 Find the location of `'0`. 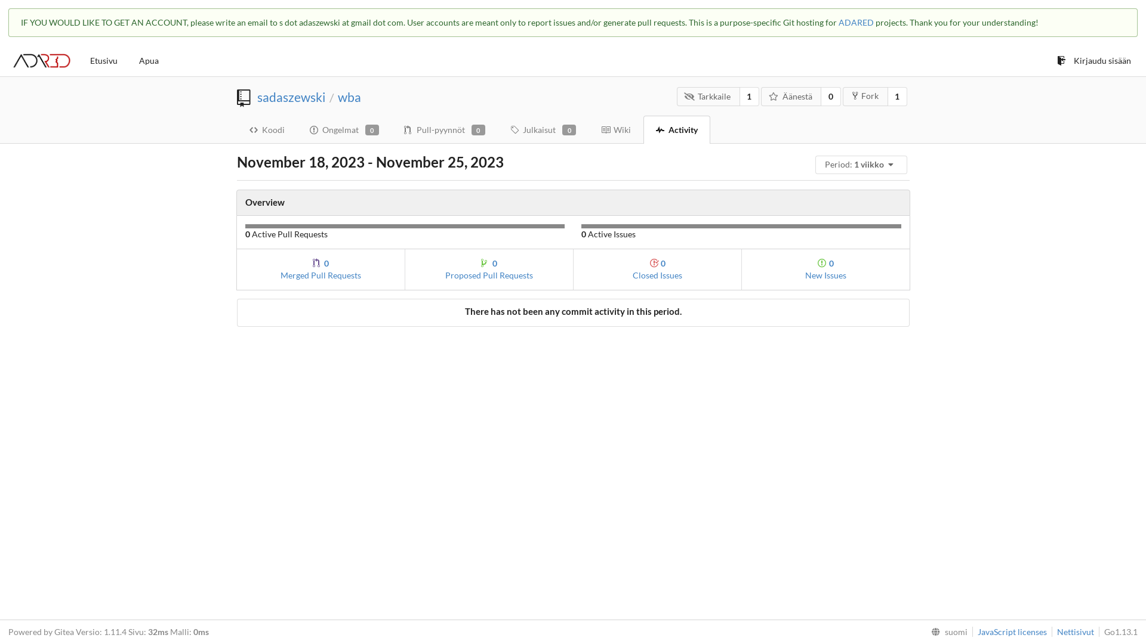

'0 is located at coordinates (824, 269).